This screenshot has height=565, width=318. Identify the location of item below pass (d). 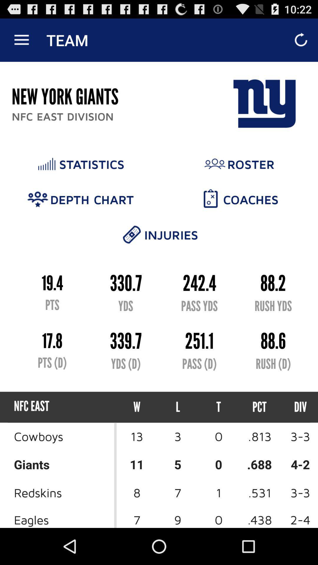
(218, 407).